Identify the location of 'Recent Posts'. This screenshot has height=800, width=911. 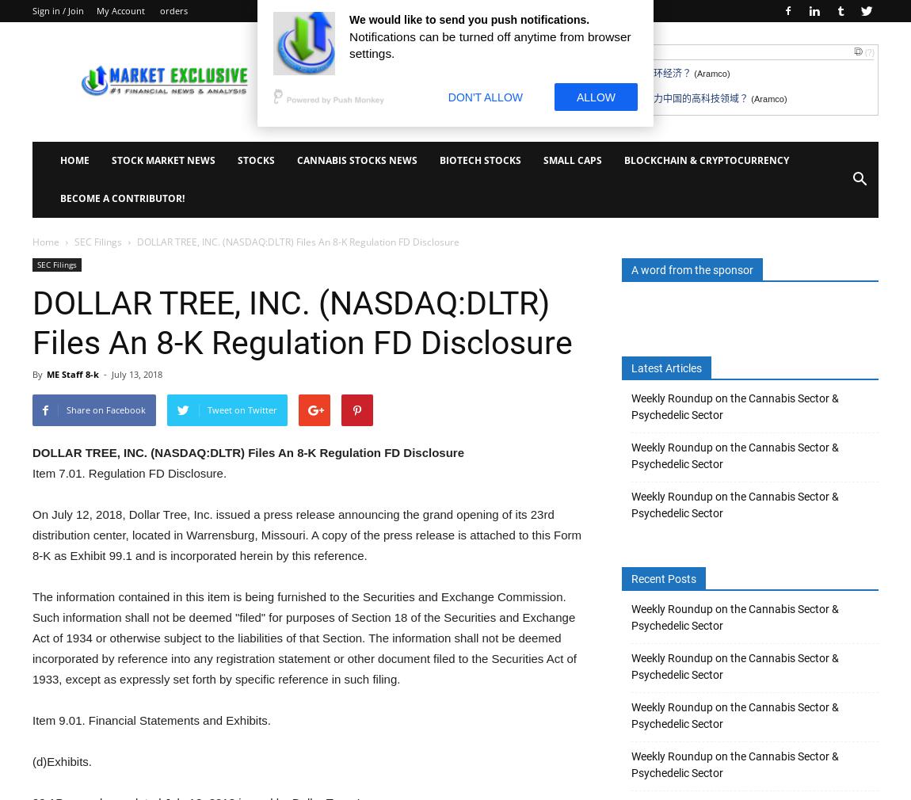
(663, 578).